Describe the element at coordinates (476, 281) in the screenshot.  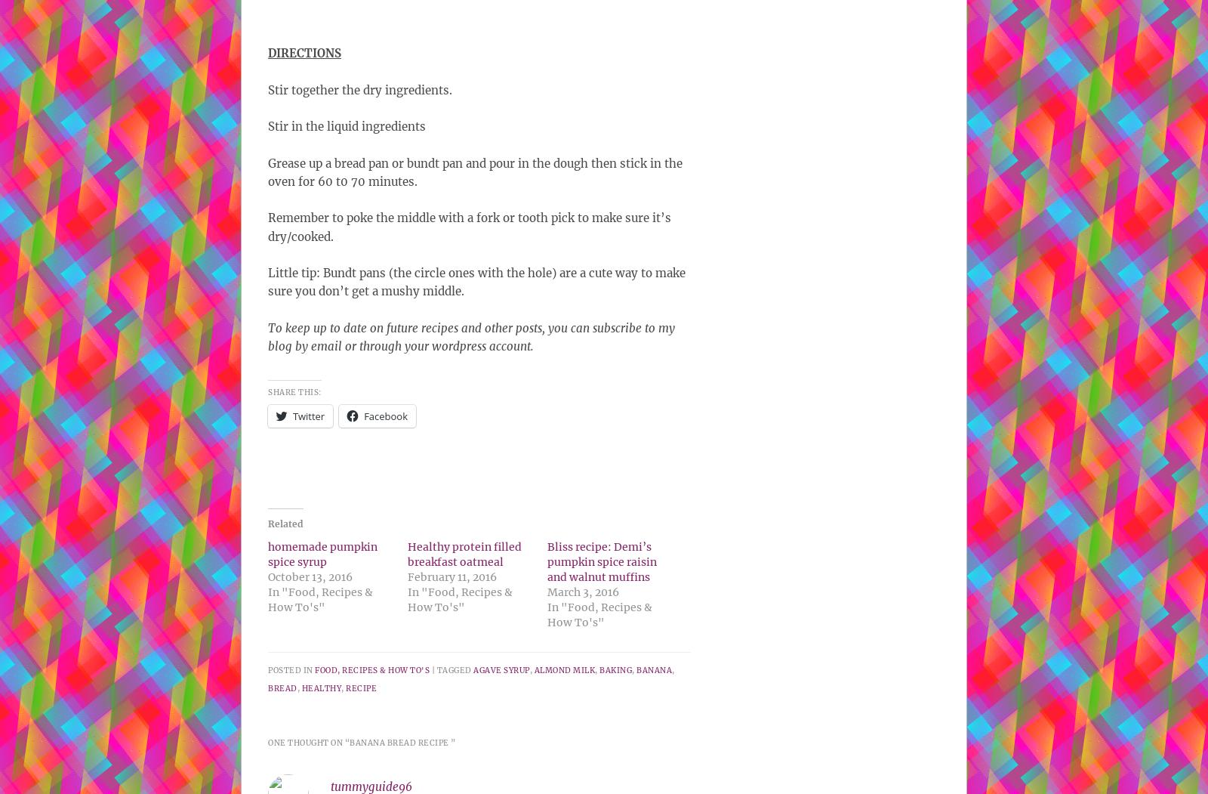
I see `'Little tip: Bundt pans (the circle ones with the hole) are a cute way to make sure you don’t get a mushy middle.'` at that location.